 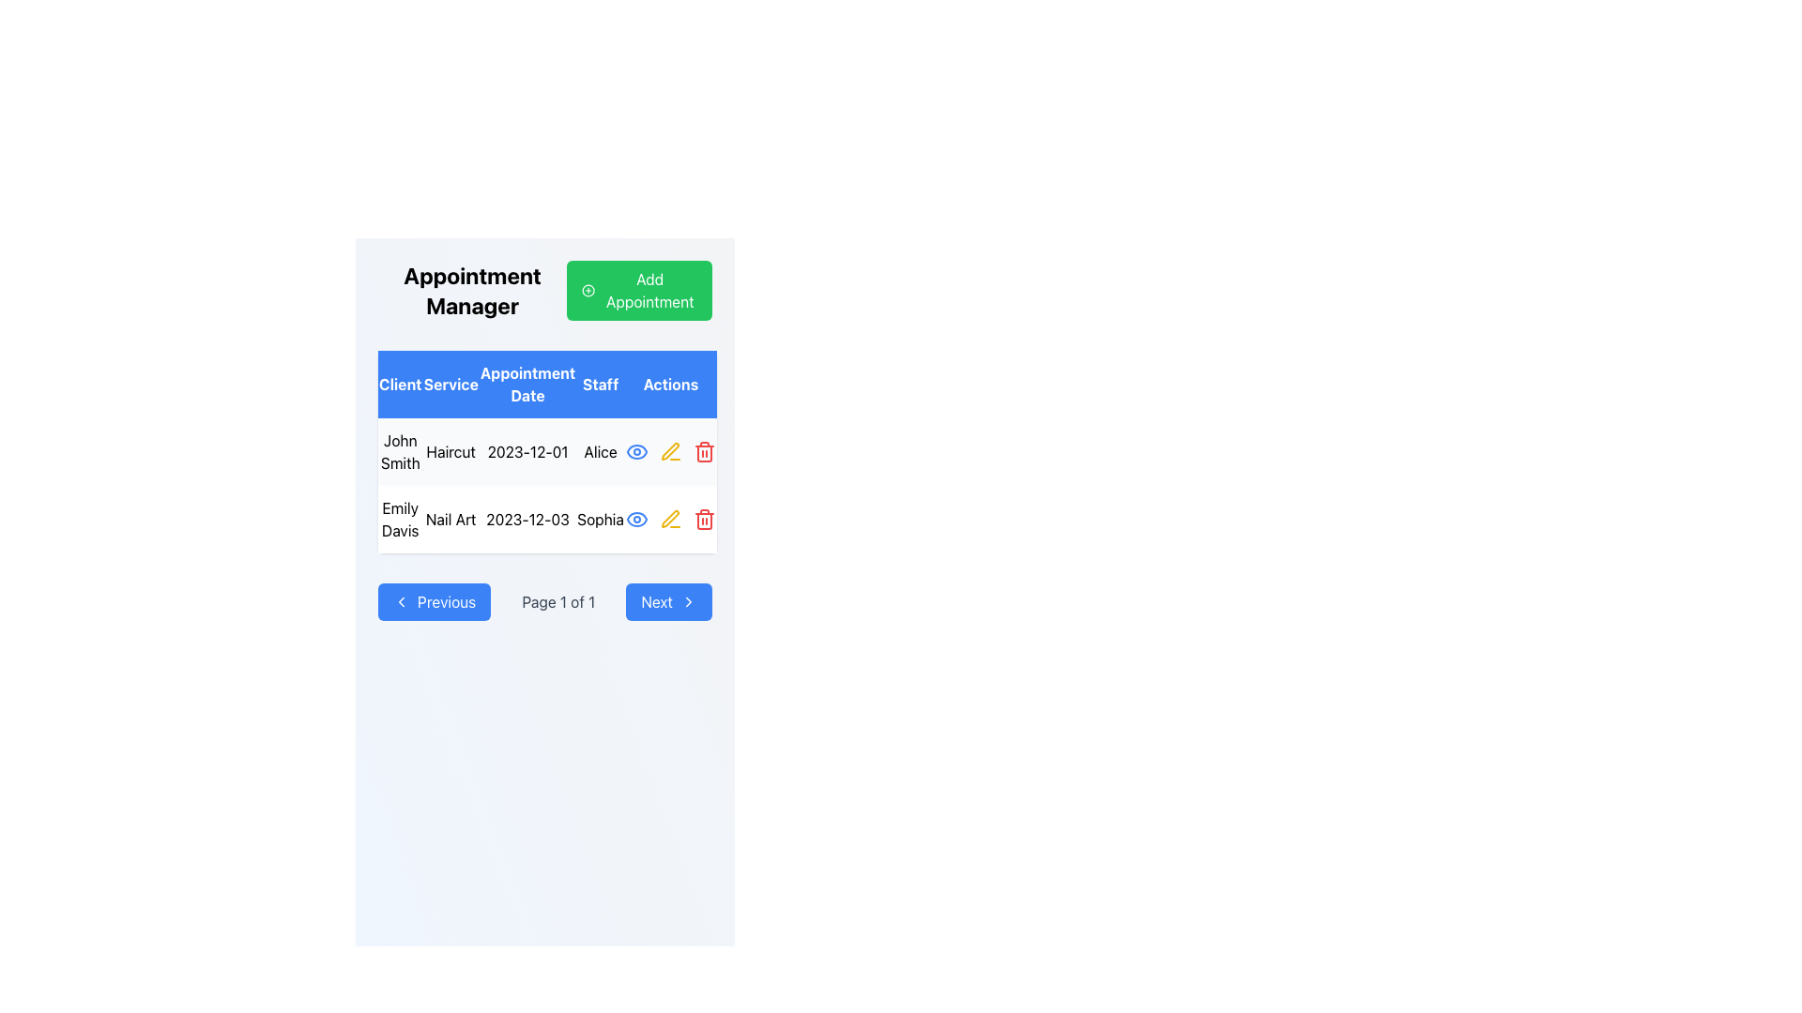 What do you see at coordinates (399, 383) in the screenshot?
I see `the blue rectangular table header labeled 'Client', which is the first column header in the table structure` at bounding box center [399, 383].